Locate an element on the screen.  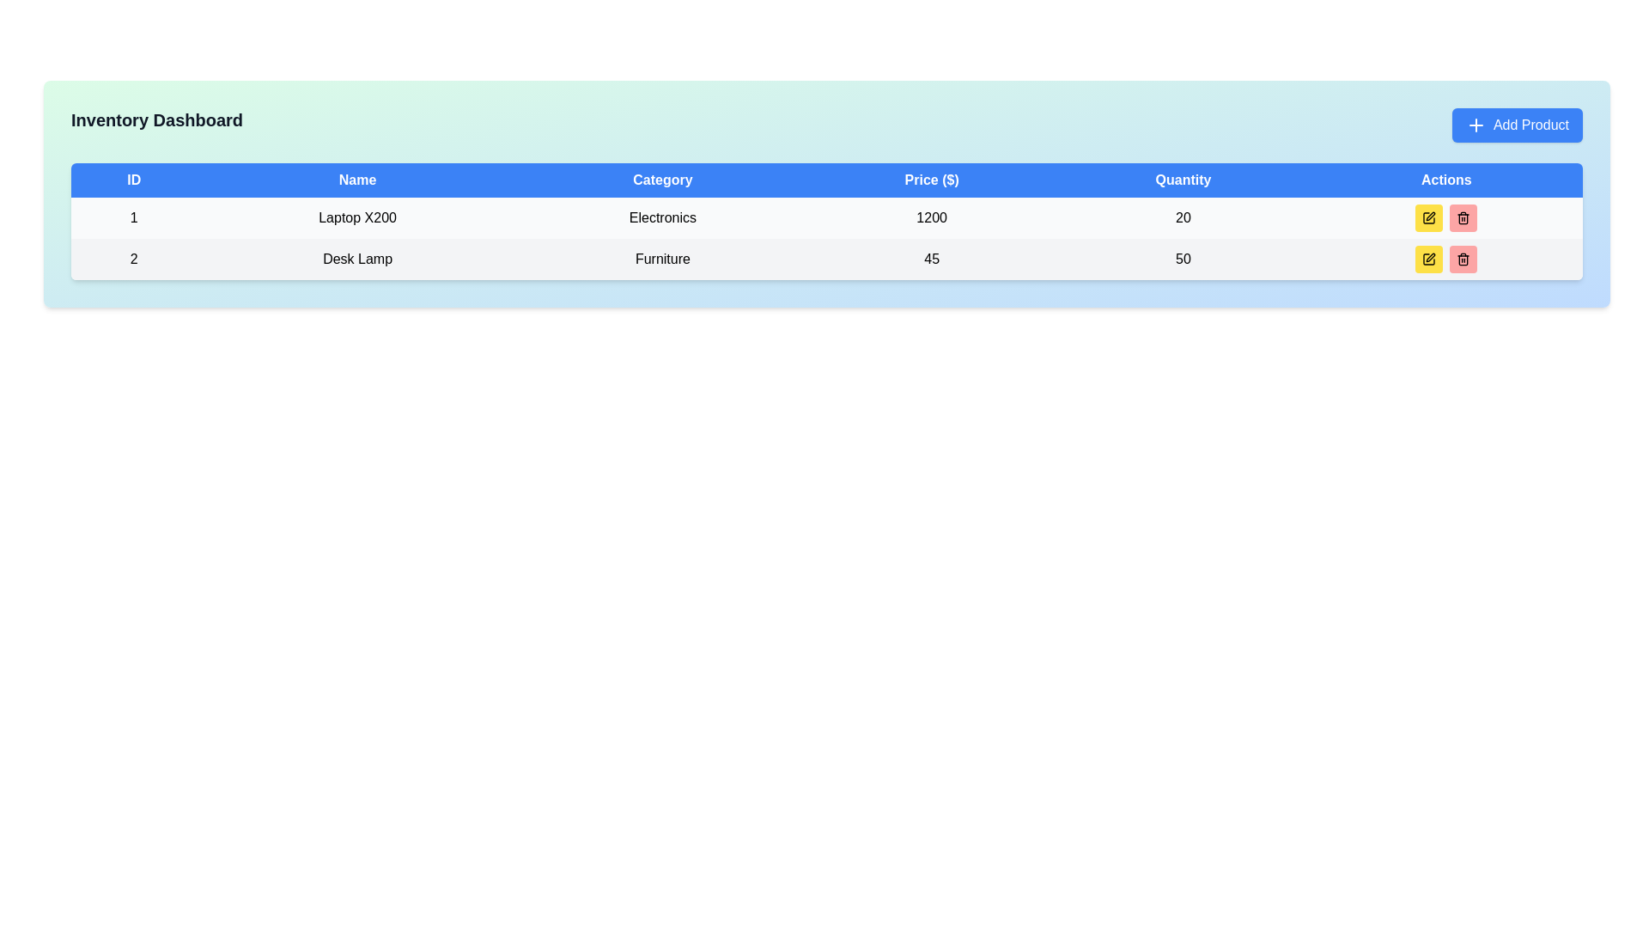
text content of the table cell containing the text '2', which is located in the leading cell of the second row under the 'ID' column header is located at coordinates (133, 259).